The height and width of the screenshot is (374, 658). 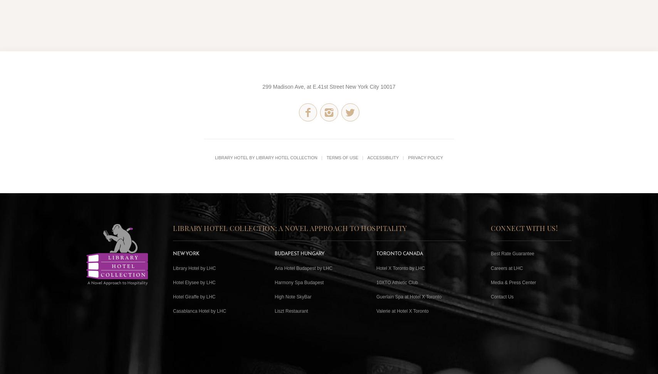 What do you see at coordinates (425, 157) in the screenshot?
I see `'Privacy Policy'` at bounding box center [425, 157].